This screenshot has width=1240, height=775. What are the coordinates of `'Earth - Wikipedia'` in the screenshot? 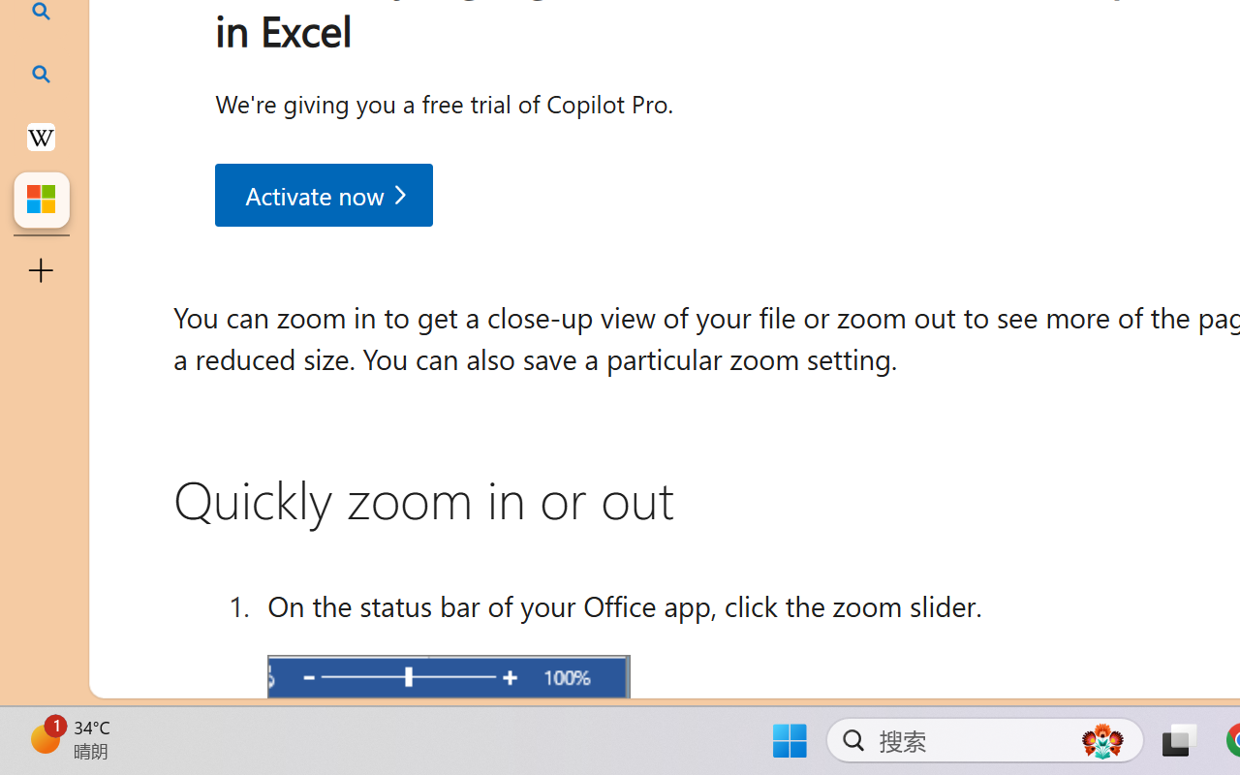 It's located at (41, 136).